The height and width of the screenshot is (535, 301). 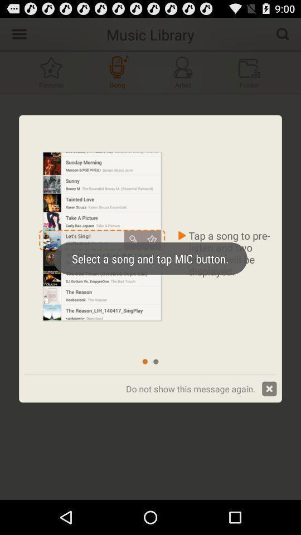 I want to click on music library settings, so click(x=17, y=33).